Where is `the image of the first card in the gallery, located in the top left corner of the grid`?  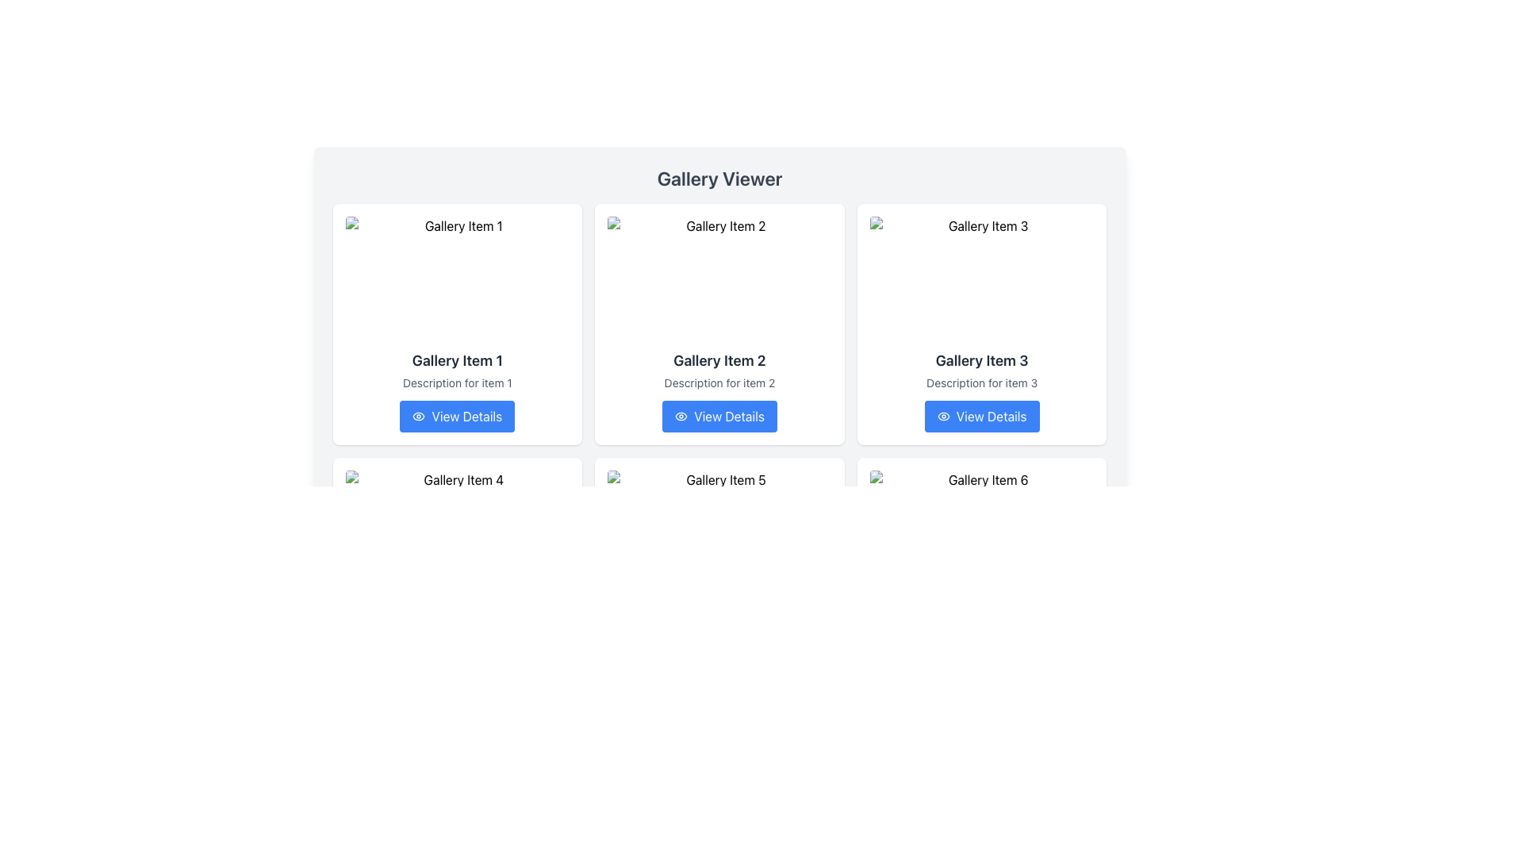 the image of the first card in the gallery, located in the top left corner of the grid is located at coordinates (456, 323).